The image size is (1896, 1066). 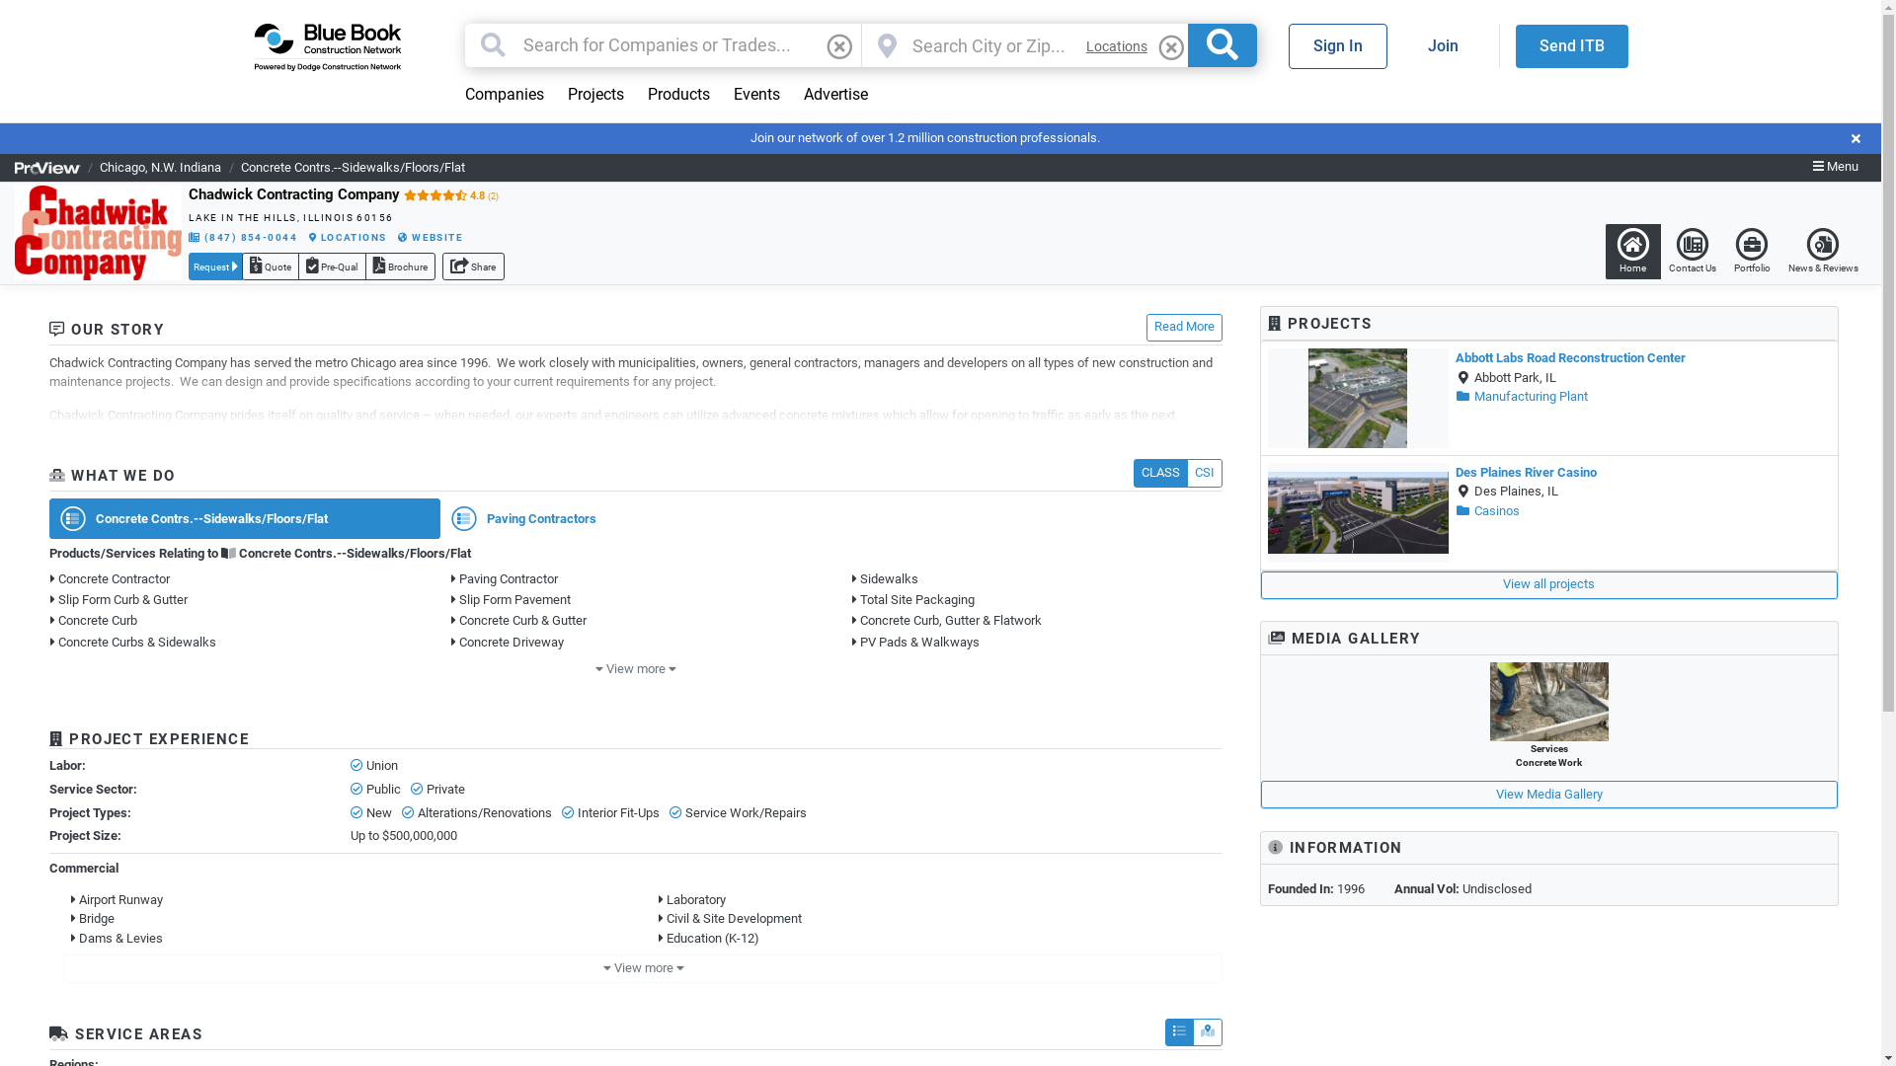 I want to click on 'Join', so click(x=1401, y=44).